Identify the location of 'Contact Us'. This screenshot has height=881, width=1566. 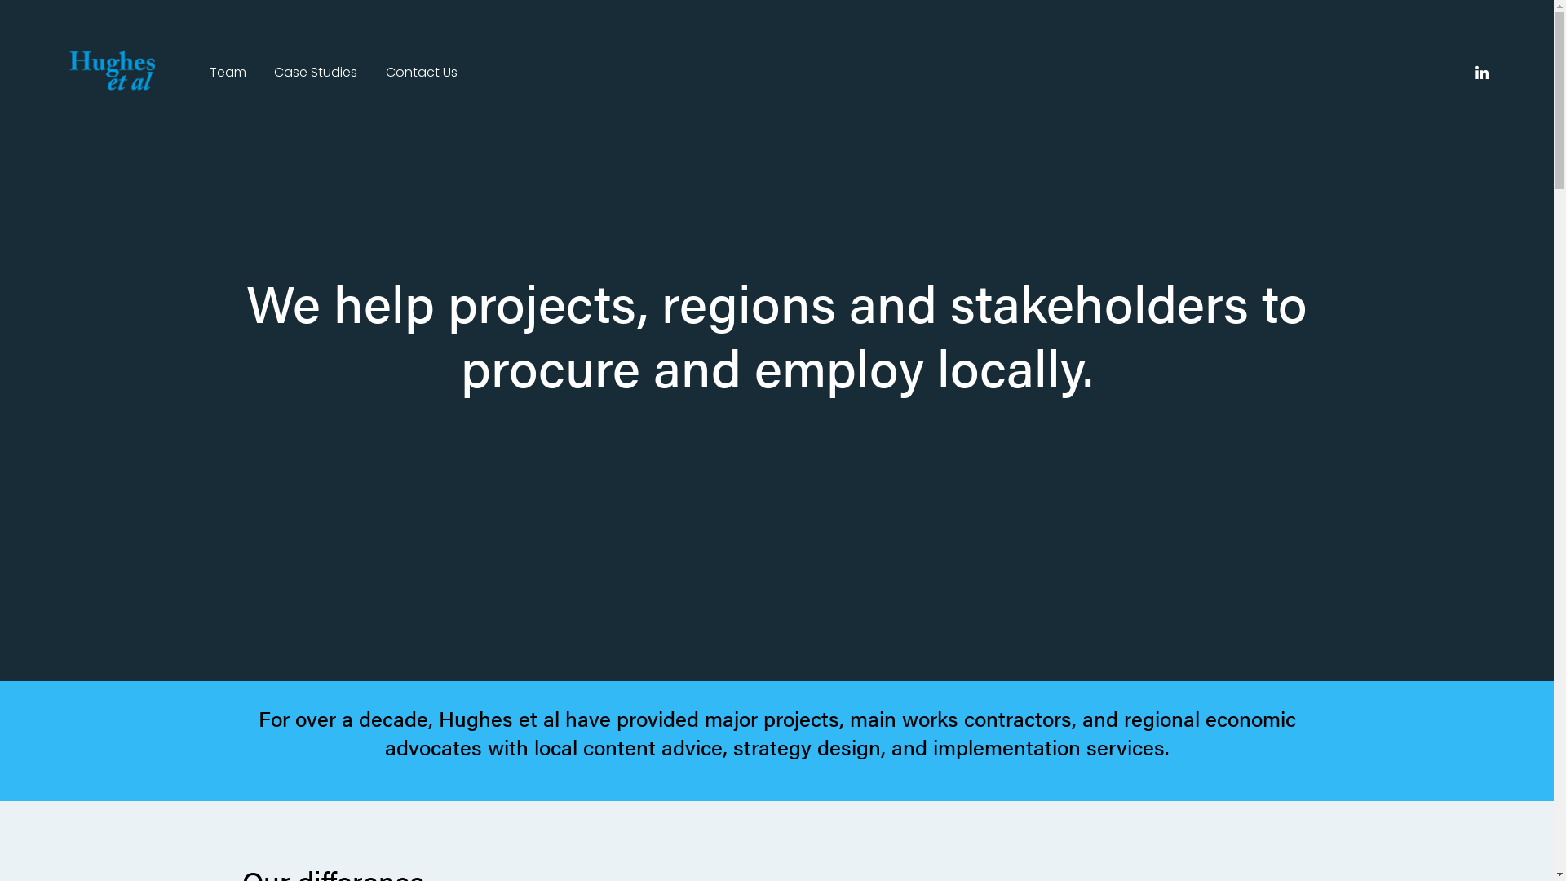
(422, 72).